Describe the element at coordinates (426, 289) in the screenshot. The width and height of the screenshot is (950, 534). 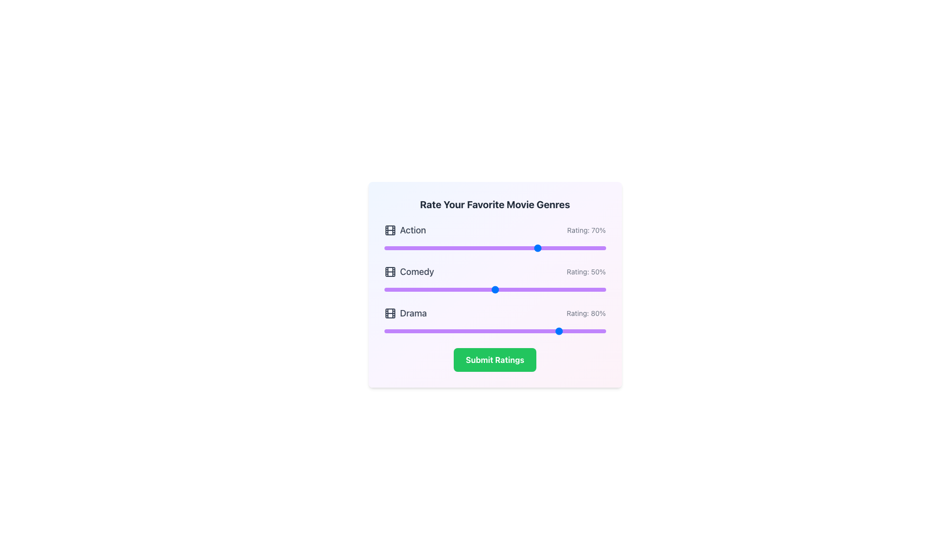
I see `the slider` at that location.